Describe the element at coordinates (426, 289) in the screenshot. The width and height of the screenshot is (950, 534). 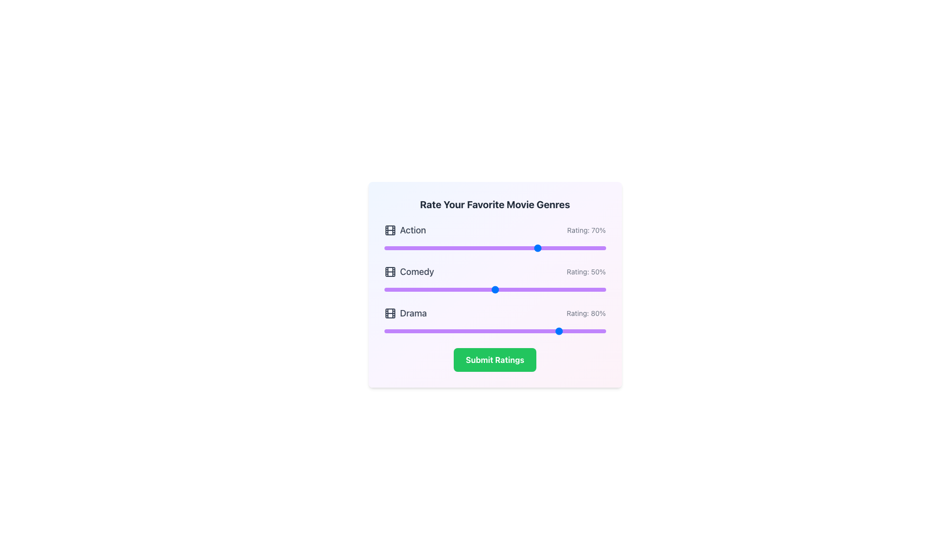
I see `the slider` at that location.